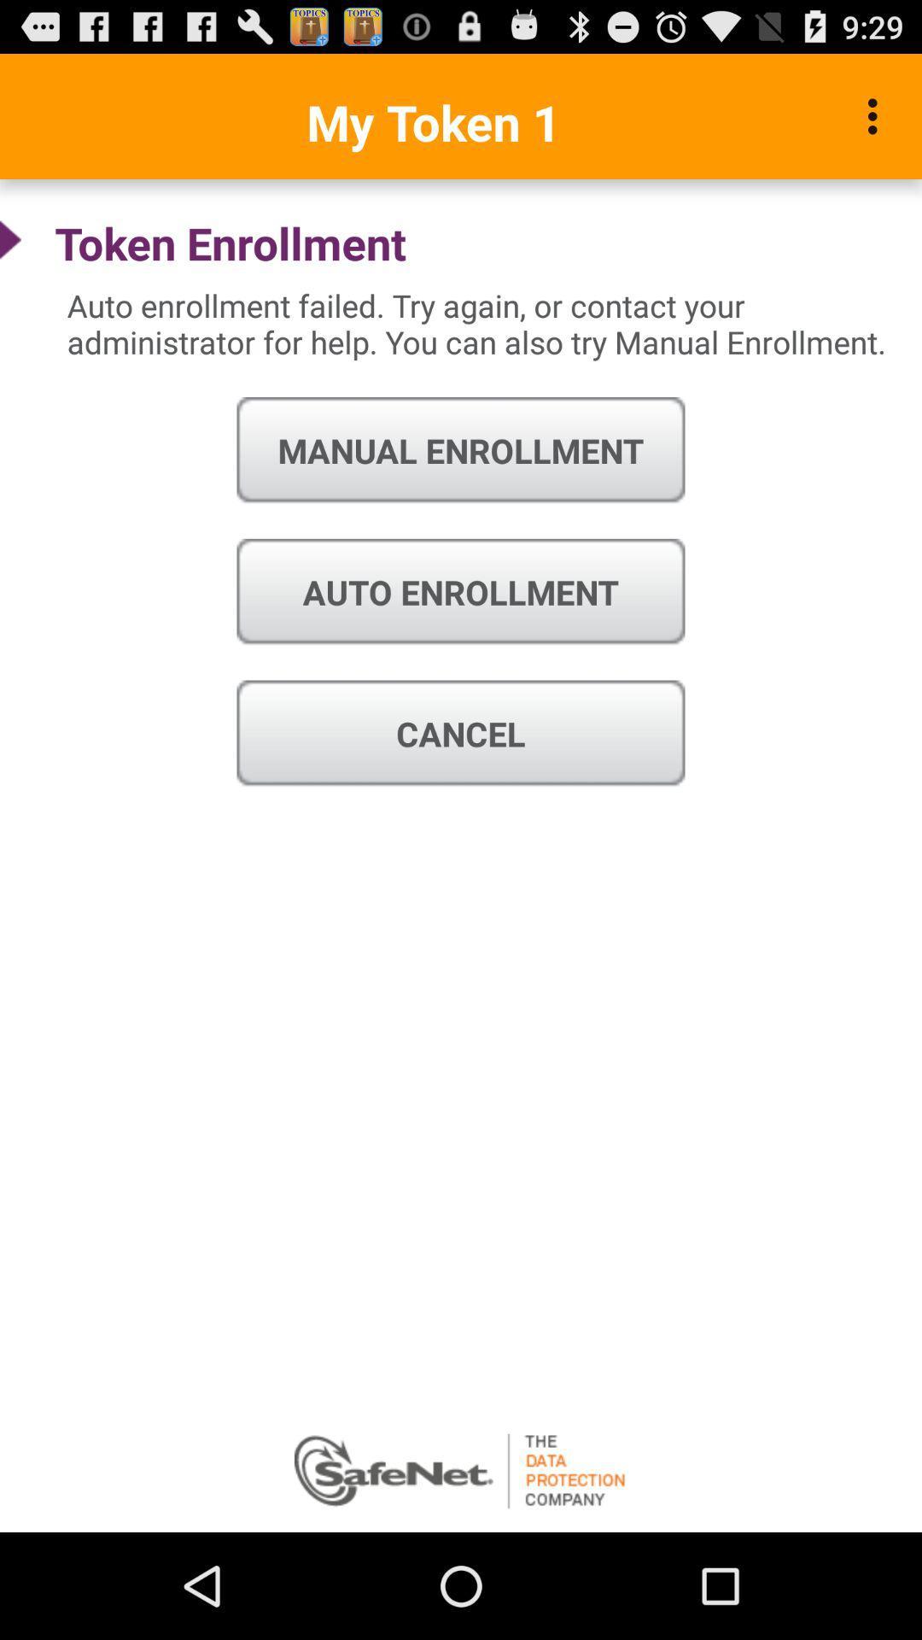 Image resolution: width=922 pixels, height=1640 pixels. I want to click on cancel icon, so click(461, 734).